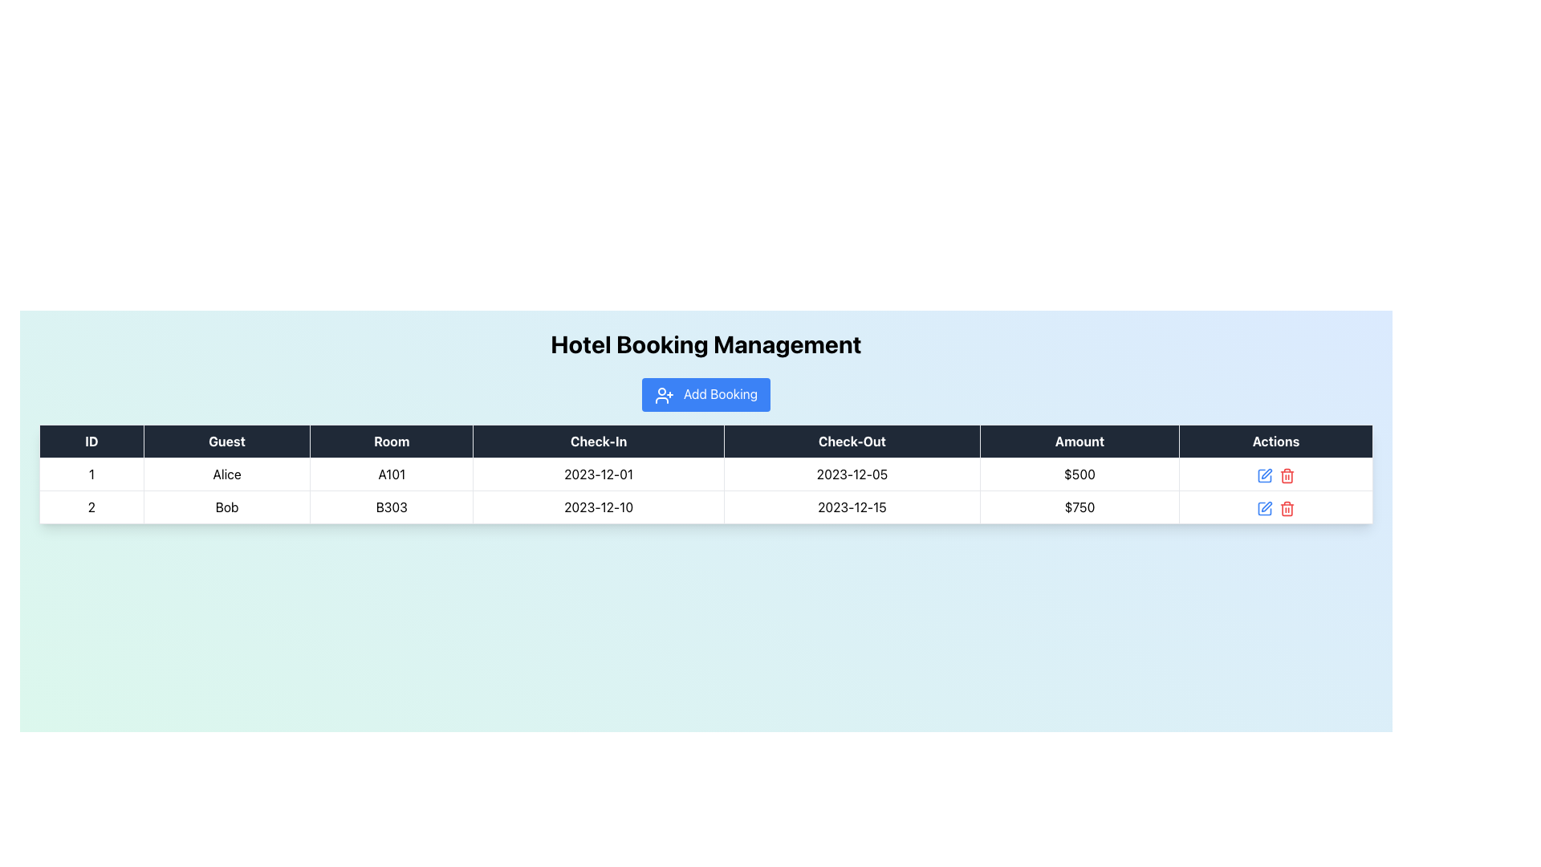 The image size is (1541, 867). Describe the element at coordinates (1287, 507) in the screenshot. I see `the removal button icon located in the 'Actions' column of the second row in the displayed table` at that location.